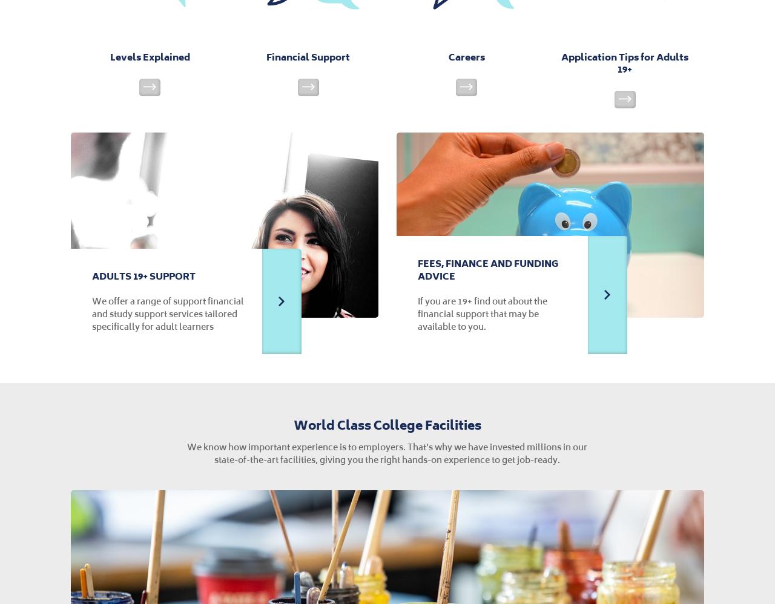  Describe the element at coordinates (308, 56) in the screenshot. I see `'Financial Support'` at that location.